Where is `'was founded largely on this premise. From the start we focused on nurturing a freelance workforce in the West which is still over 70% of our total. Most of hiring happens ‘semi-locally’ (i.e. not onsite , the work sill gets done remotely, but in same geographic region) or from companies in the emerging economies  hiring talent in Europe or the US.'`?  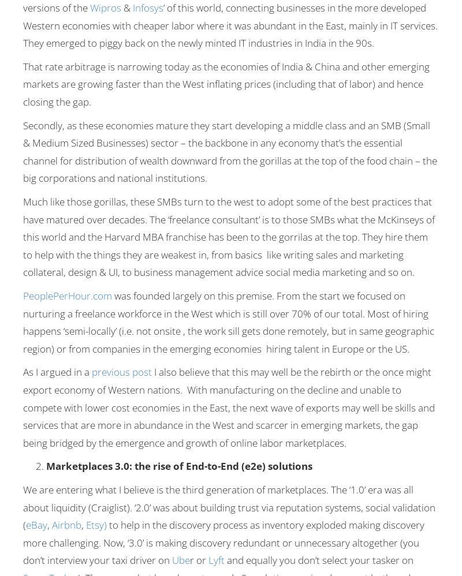 'was founded largely on this premise. From the start we focused on nurturing a freelance workforce in the West which is still over 70% of our total. Most of hiring happens ‘semi-locally’ (i.e. not onsite , the work sill gets done remotely, but in same geographic region) or from companies in the emerging economies  hiring talent in Europe or the US.' is located at coordinates (228, 321).